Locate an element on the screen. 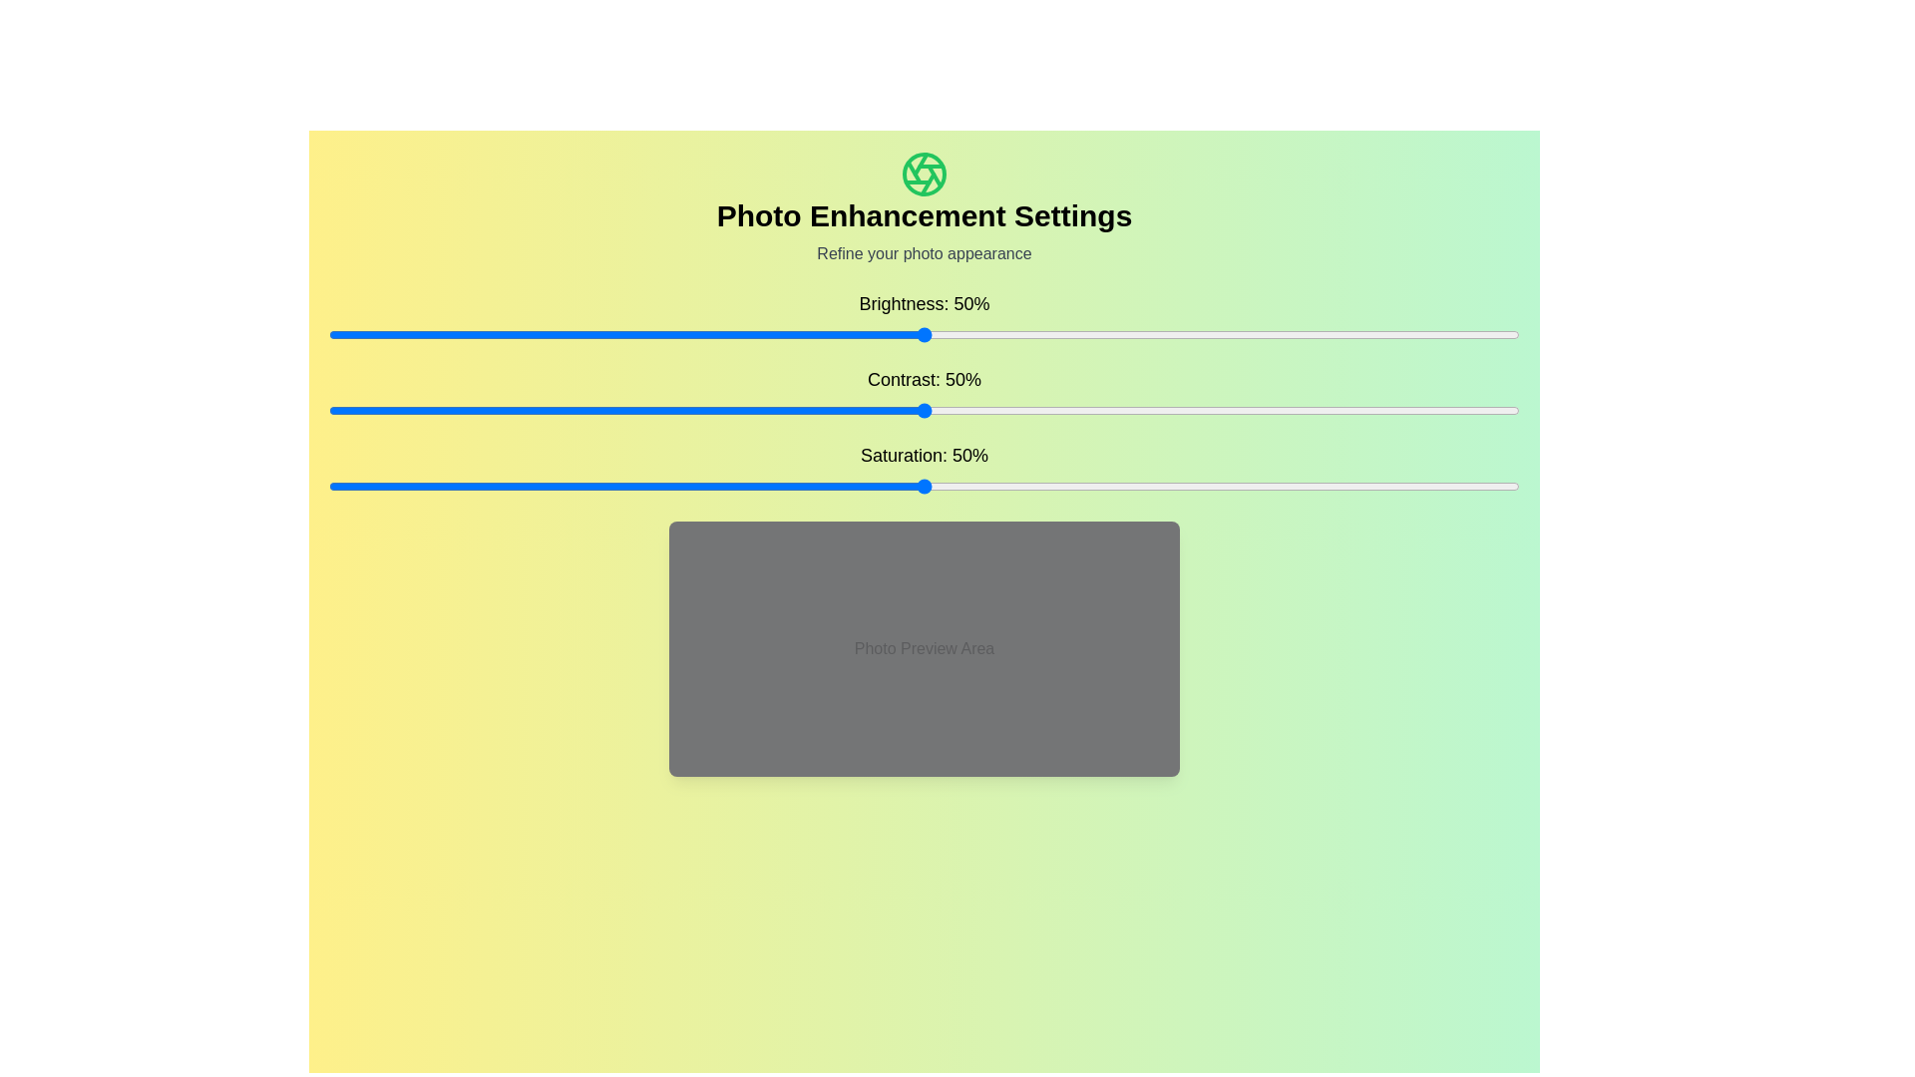  the brightness slider to set the brightness to 68% is located at coordinates (1139, 333).